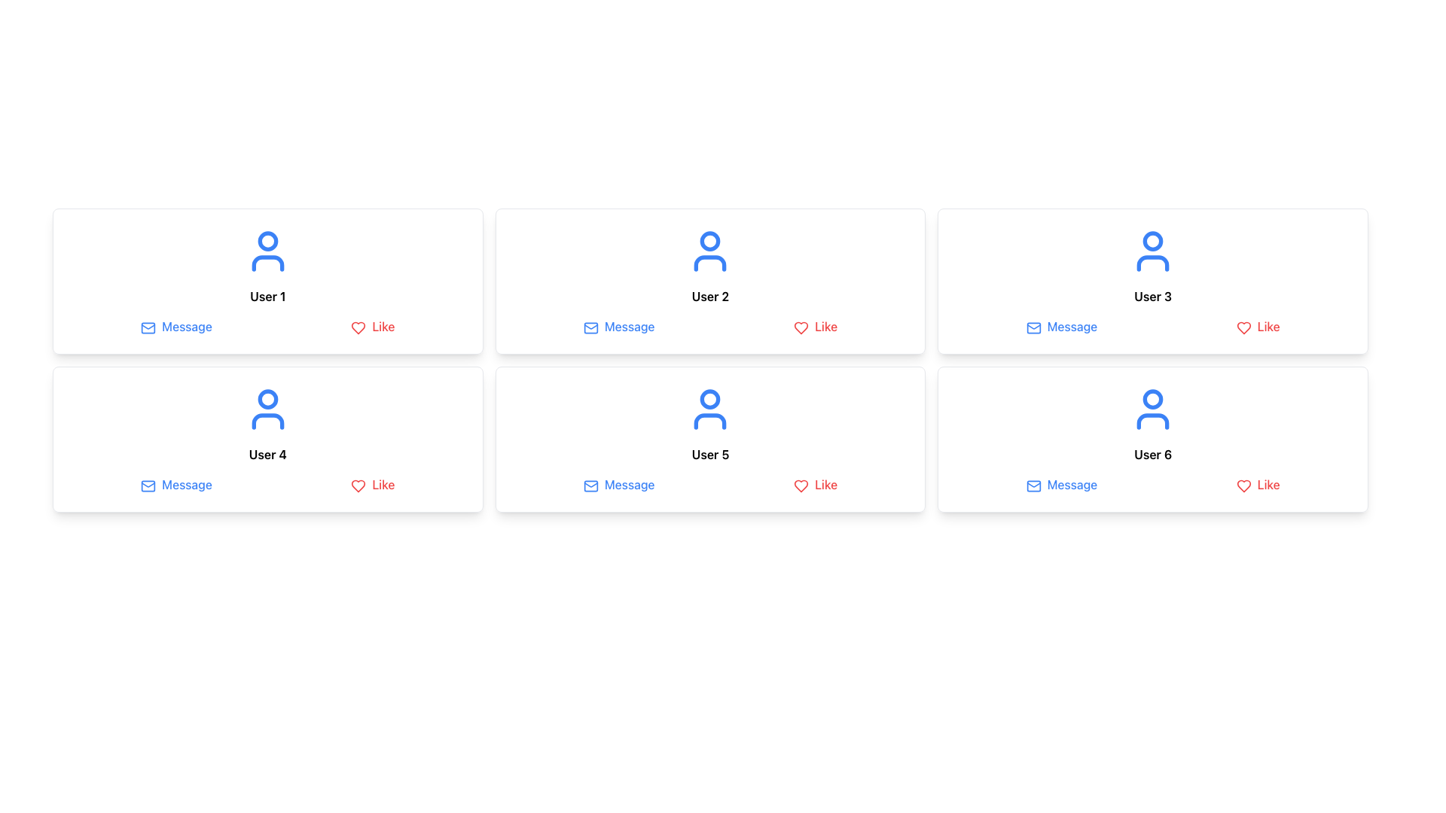  Describe the element at coordinates (709, 263) in the screenshot. I see `the blue-stroked rectangular base of the user icon located below the circular head in the 'User 2' profile card` at that location.